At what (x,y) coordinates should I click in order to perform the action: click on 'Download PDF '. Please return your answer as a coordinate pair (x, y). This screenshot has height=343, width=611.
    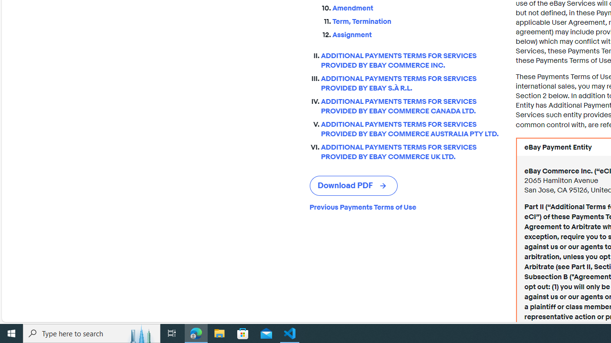
    Looking at the image, I should click on (353, 186).